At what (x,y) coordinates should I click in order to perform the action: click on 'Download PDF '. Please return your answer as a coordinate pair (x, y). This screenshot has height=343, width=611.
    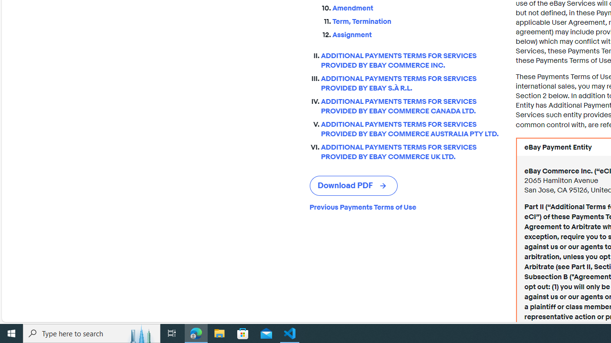
    Looking at the image, I should click on (353, 186).